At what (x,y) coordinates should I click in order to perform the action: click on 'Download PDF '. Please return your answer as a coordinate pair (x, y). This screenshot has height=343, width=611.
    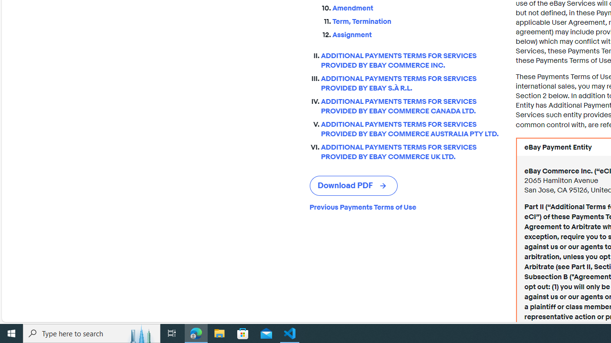
    Looking at the image, I should click on (353, 186).